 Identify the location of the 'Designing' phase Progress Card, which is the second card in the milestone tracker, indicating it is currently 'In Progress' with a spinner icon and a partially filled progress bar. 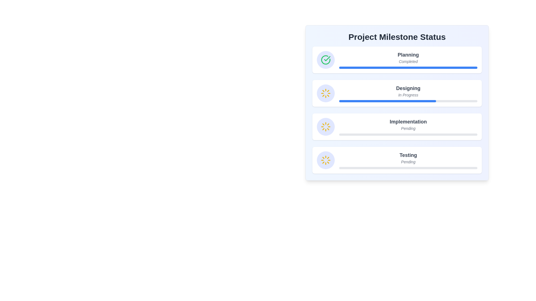
(397, 93).